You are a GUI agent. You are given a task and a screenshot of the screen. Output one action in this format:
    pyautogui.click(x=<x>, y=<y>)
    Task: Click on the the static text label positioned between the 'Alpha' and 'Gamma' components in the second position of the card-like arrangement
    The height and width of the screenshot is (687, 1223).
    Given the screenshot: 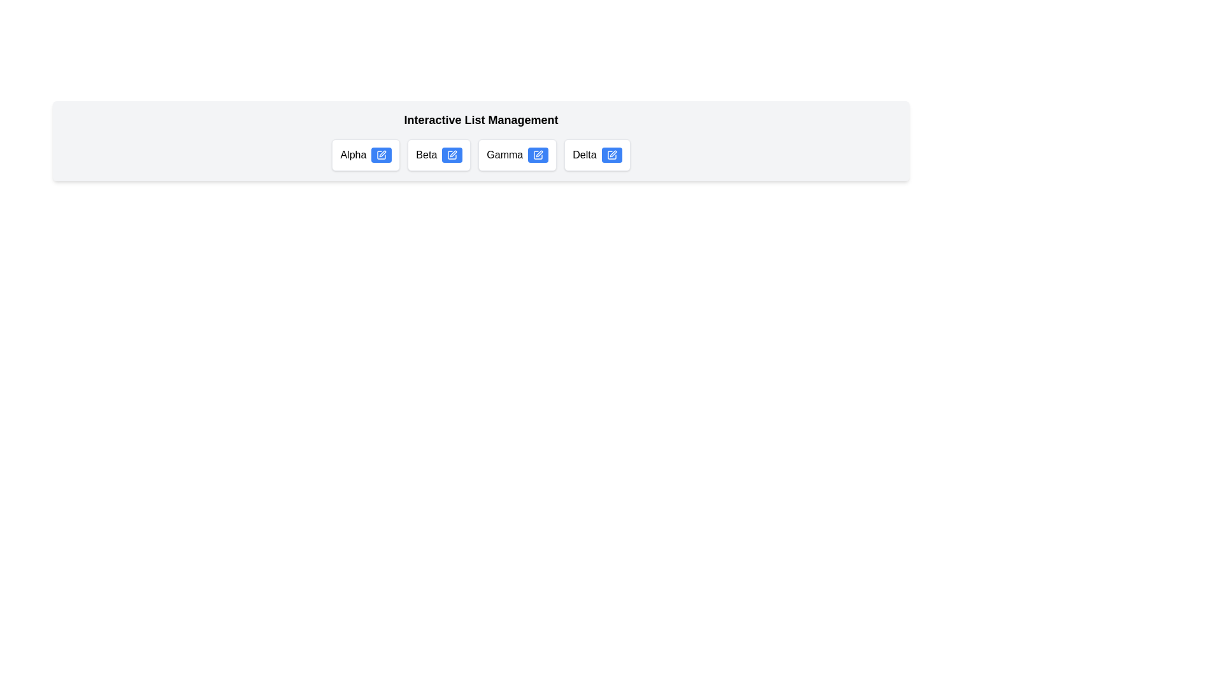 What is the action you would take?
    pyautogui.click(x=426, y=154)
    